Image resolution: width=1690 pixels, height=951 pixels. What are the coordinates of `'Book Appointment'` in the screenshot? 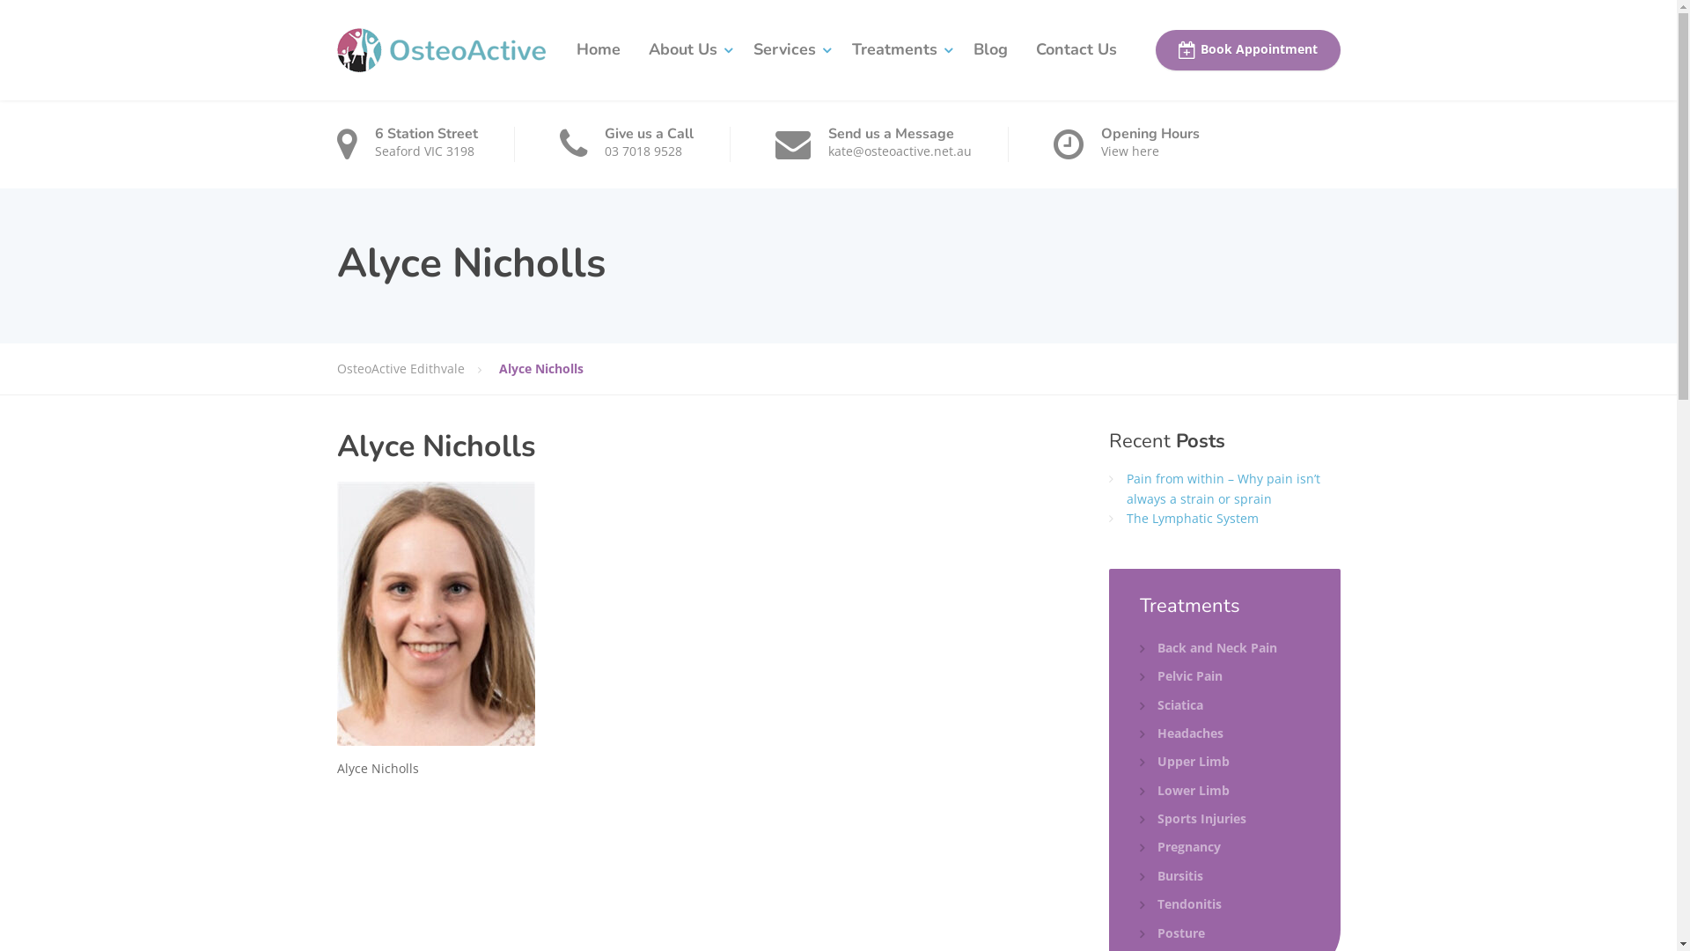 It's located at (1245, 49).